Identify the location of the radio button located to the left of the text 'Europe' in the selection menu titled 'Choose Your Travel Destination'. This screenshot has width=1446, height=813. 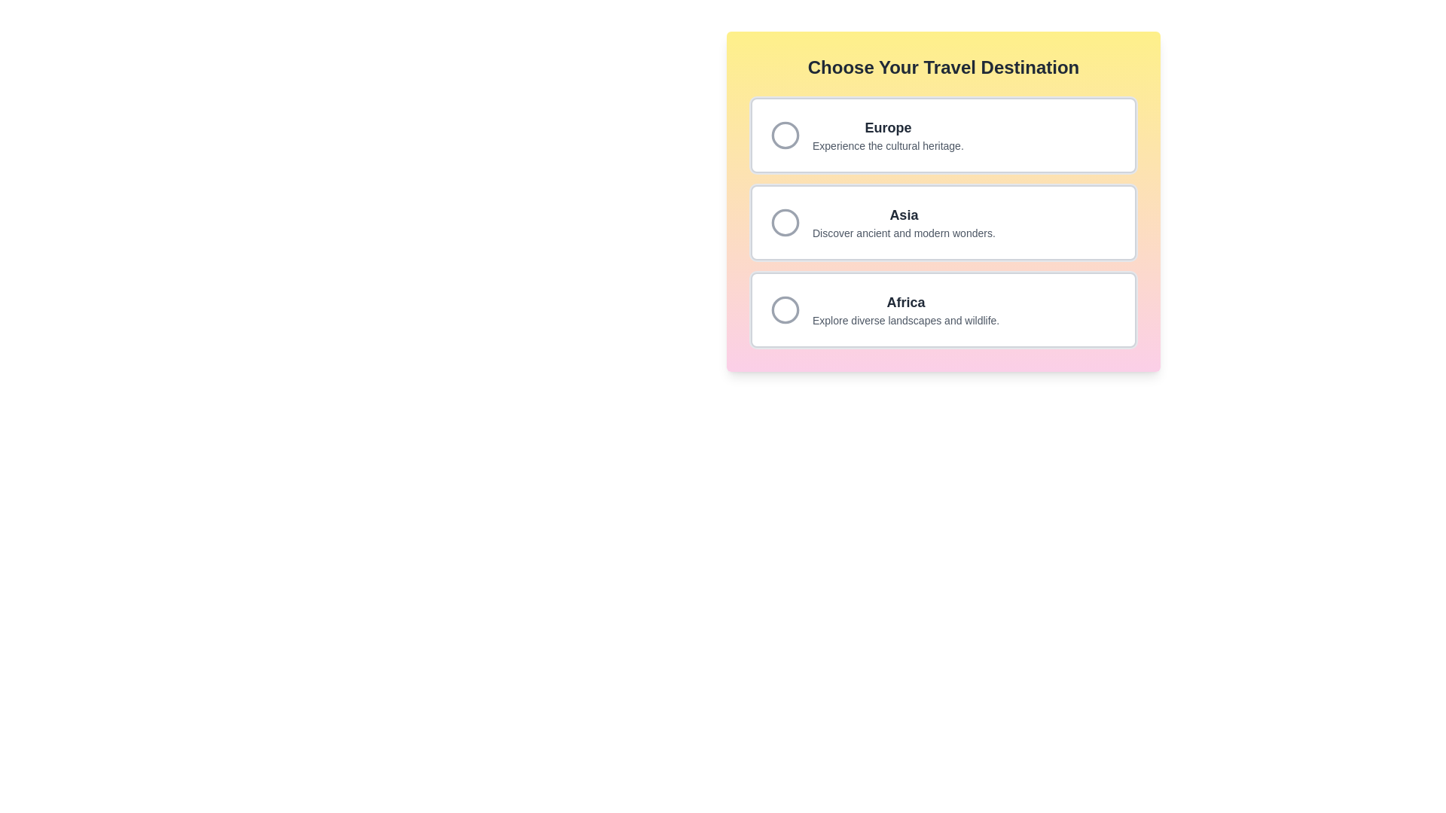
(784, 135).